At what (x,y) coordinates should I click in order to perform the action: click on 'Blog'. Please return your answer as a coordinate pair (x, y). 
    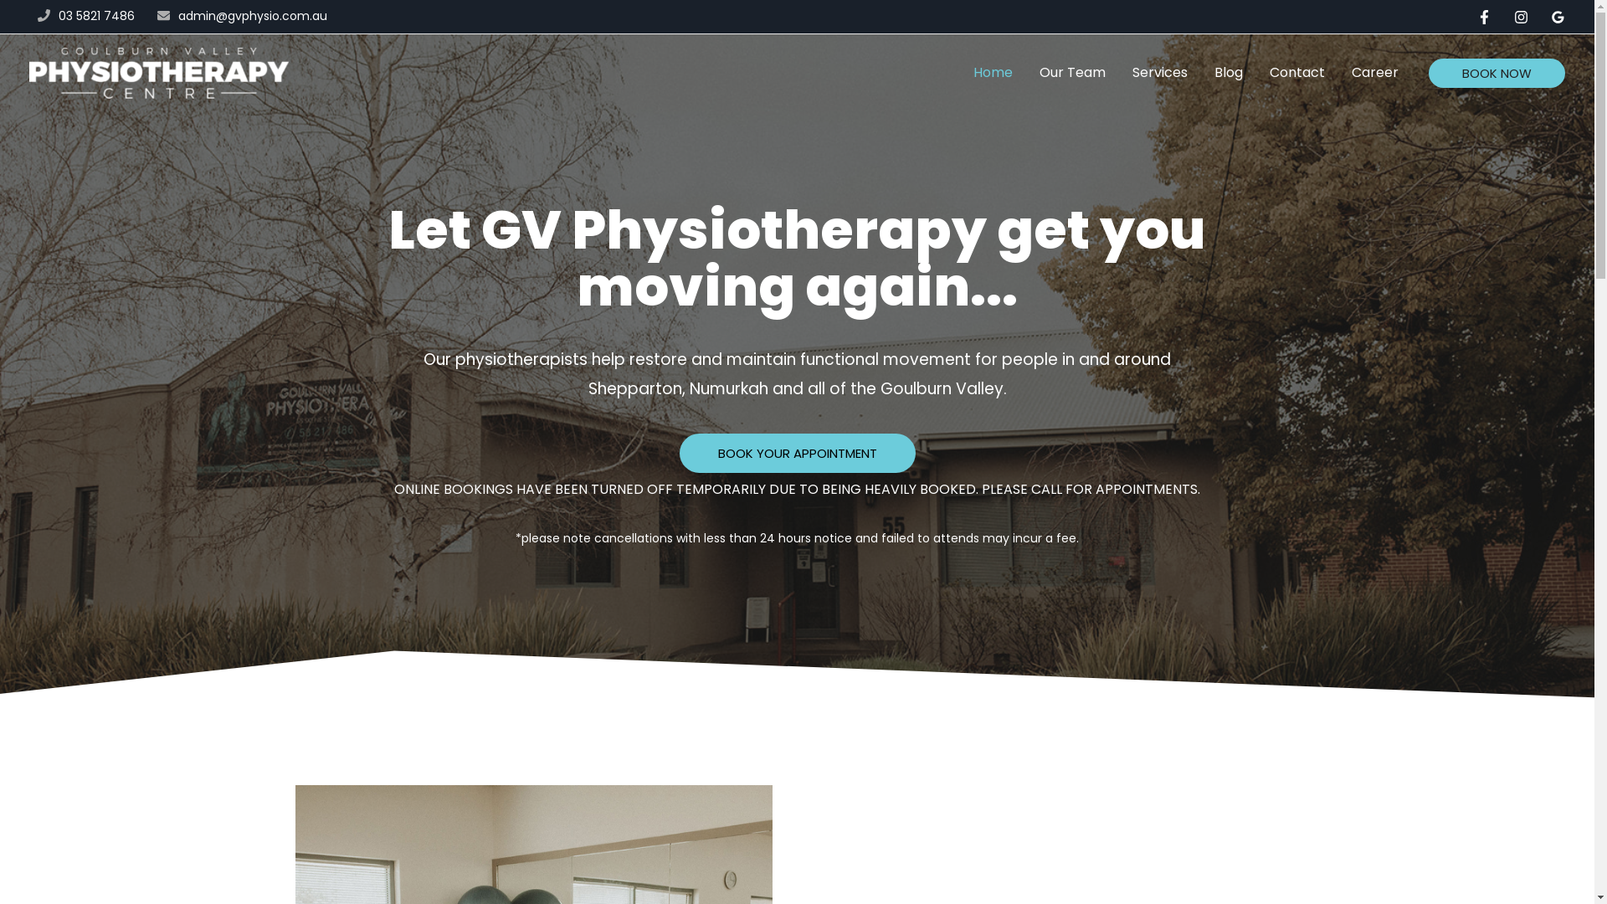
    Looking at the image, I should click on (1200, 72).